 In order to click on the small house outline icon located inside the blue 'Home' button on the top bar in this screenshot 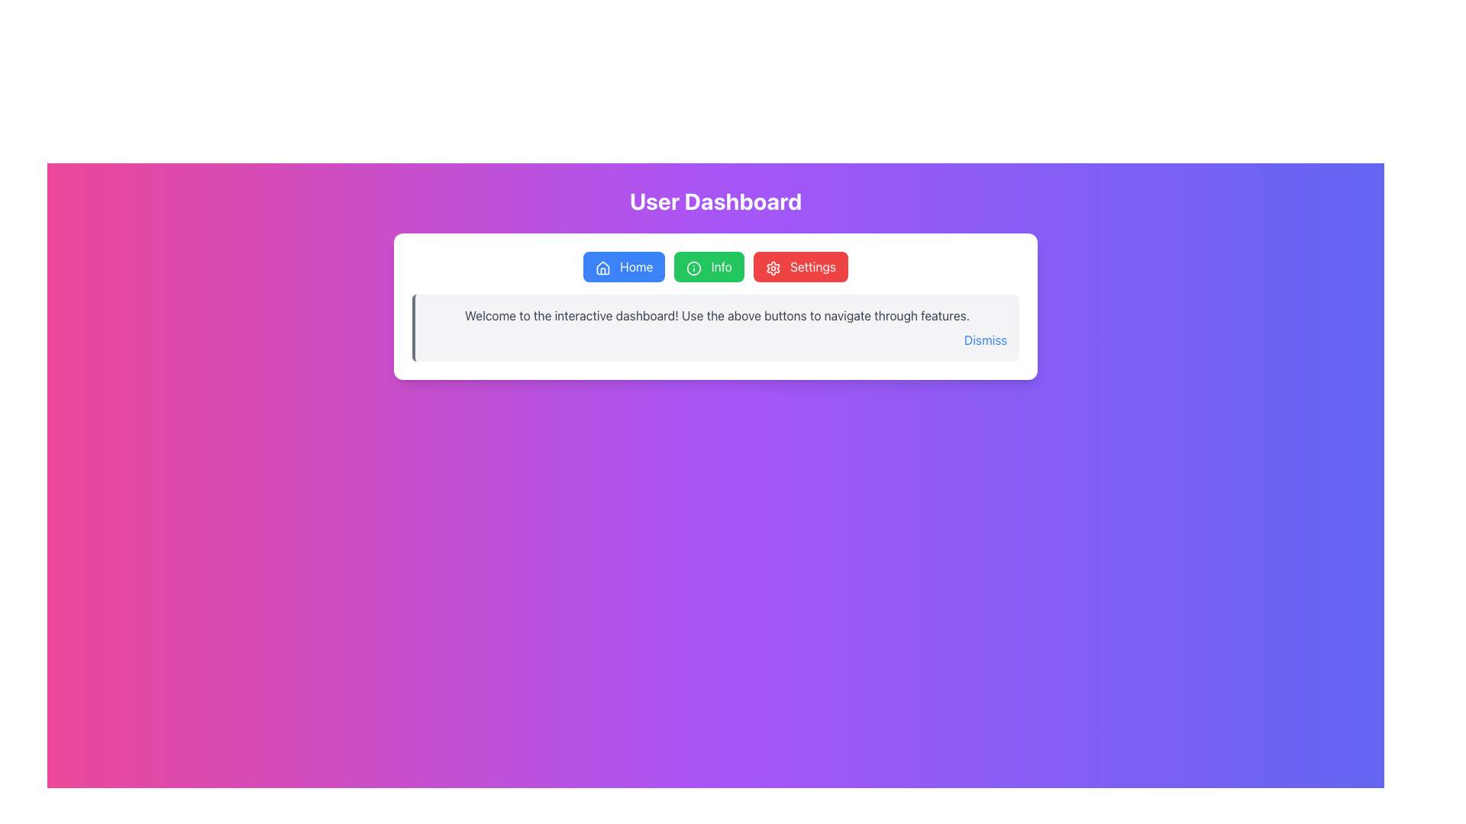, I will do `click(602, 267)`.